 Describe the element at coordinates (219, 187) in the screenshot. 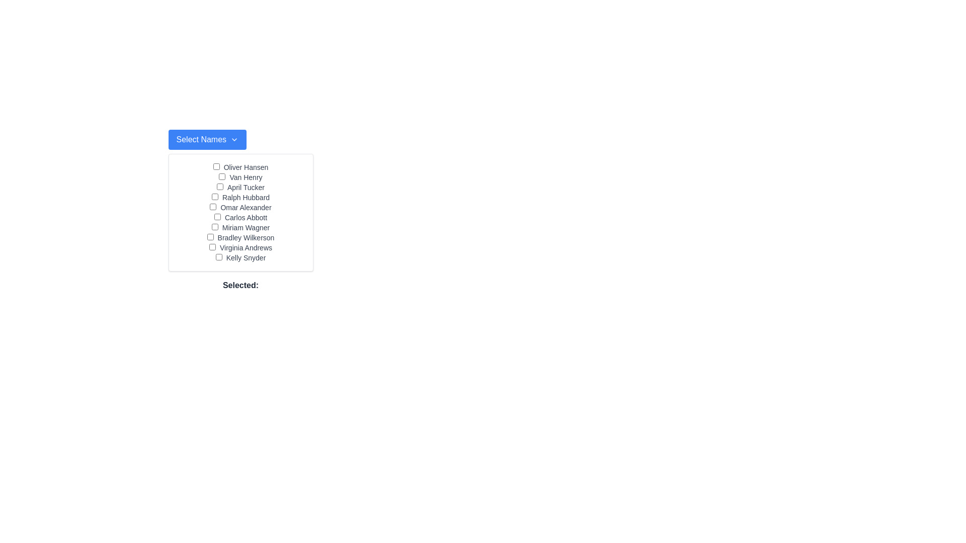

I see `the checkbox located to the left of the 'April Tucker' label` at that location.